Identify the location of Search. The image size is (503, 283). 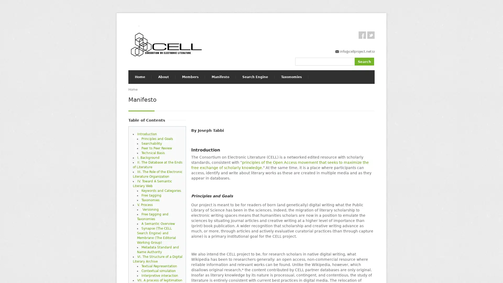
(364, 61).